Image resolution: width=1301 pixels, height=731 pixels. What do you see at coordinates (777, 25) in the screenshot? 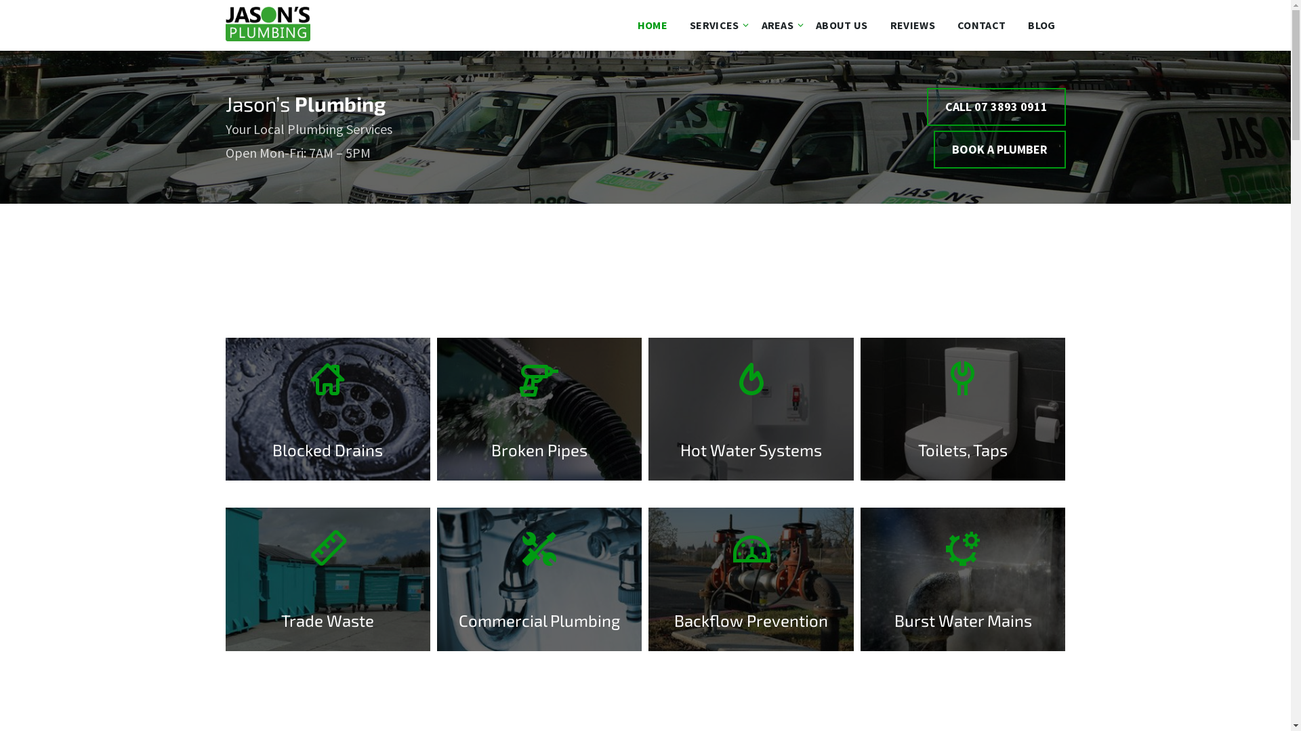
I see `'AREAS'` at bounding box center [777, 25].